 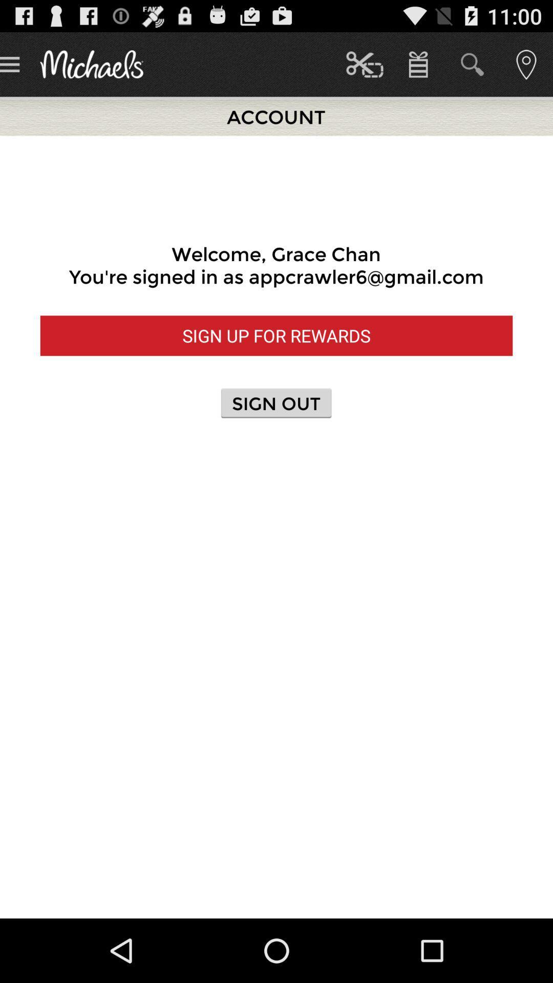 I want to click on item next to account icon, so click(x=364, y=63).